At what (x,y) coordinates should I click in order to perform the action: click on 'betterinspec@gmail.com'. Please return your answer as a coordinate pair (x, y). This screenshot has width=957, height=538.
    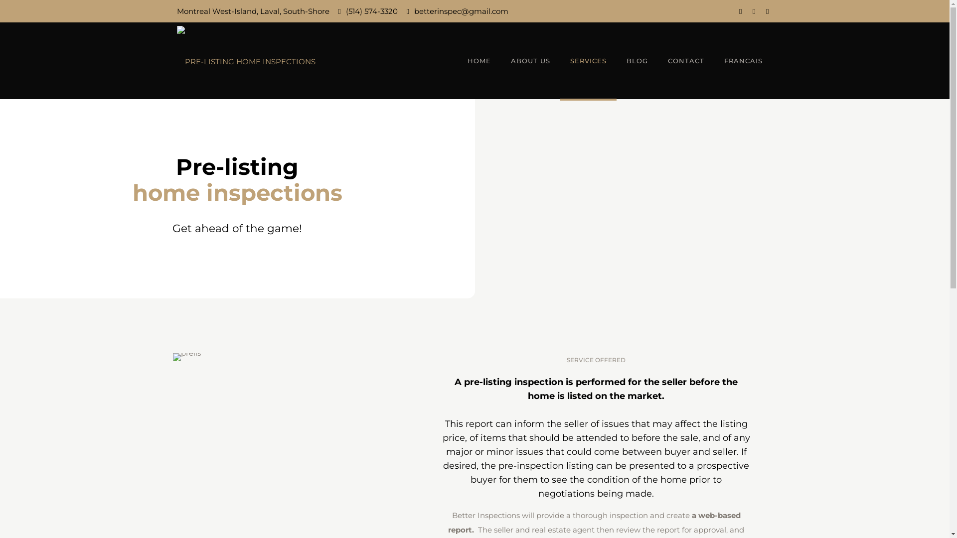
    Looking at the image, I should click on (461, 11).